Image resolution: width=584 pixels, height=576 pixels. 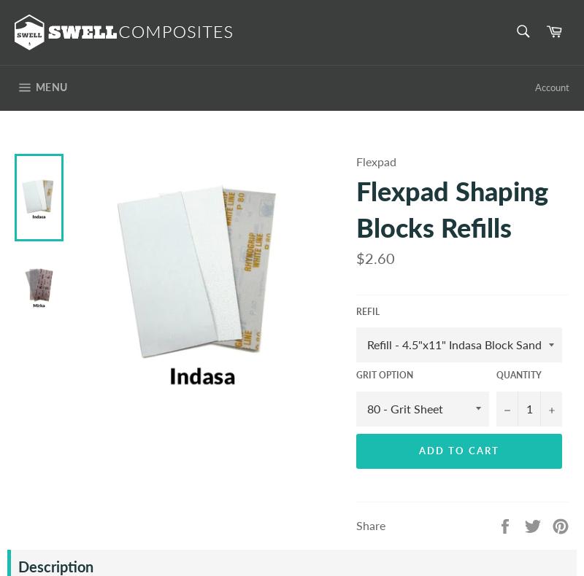 What do you see at coordinates (496, 375) in the screenshot?
I see `'Quantity'` at bounding box center [496, 375].